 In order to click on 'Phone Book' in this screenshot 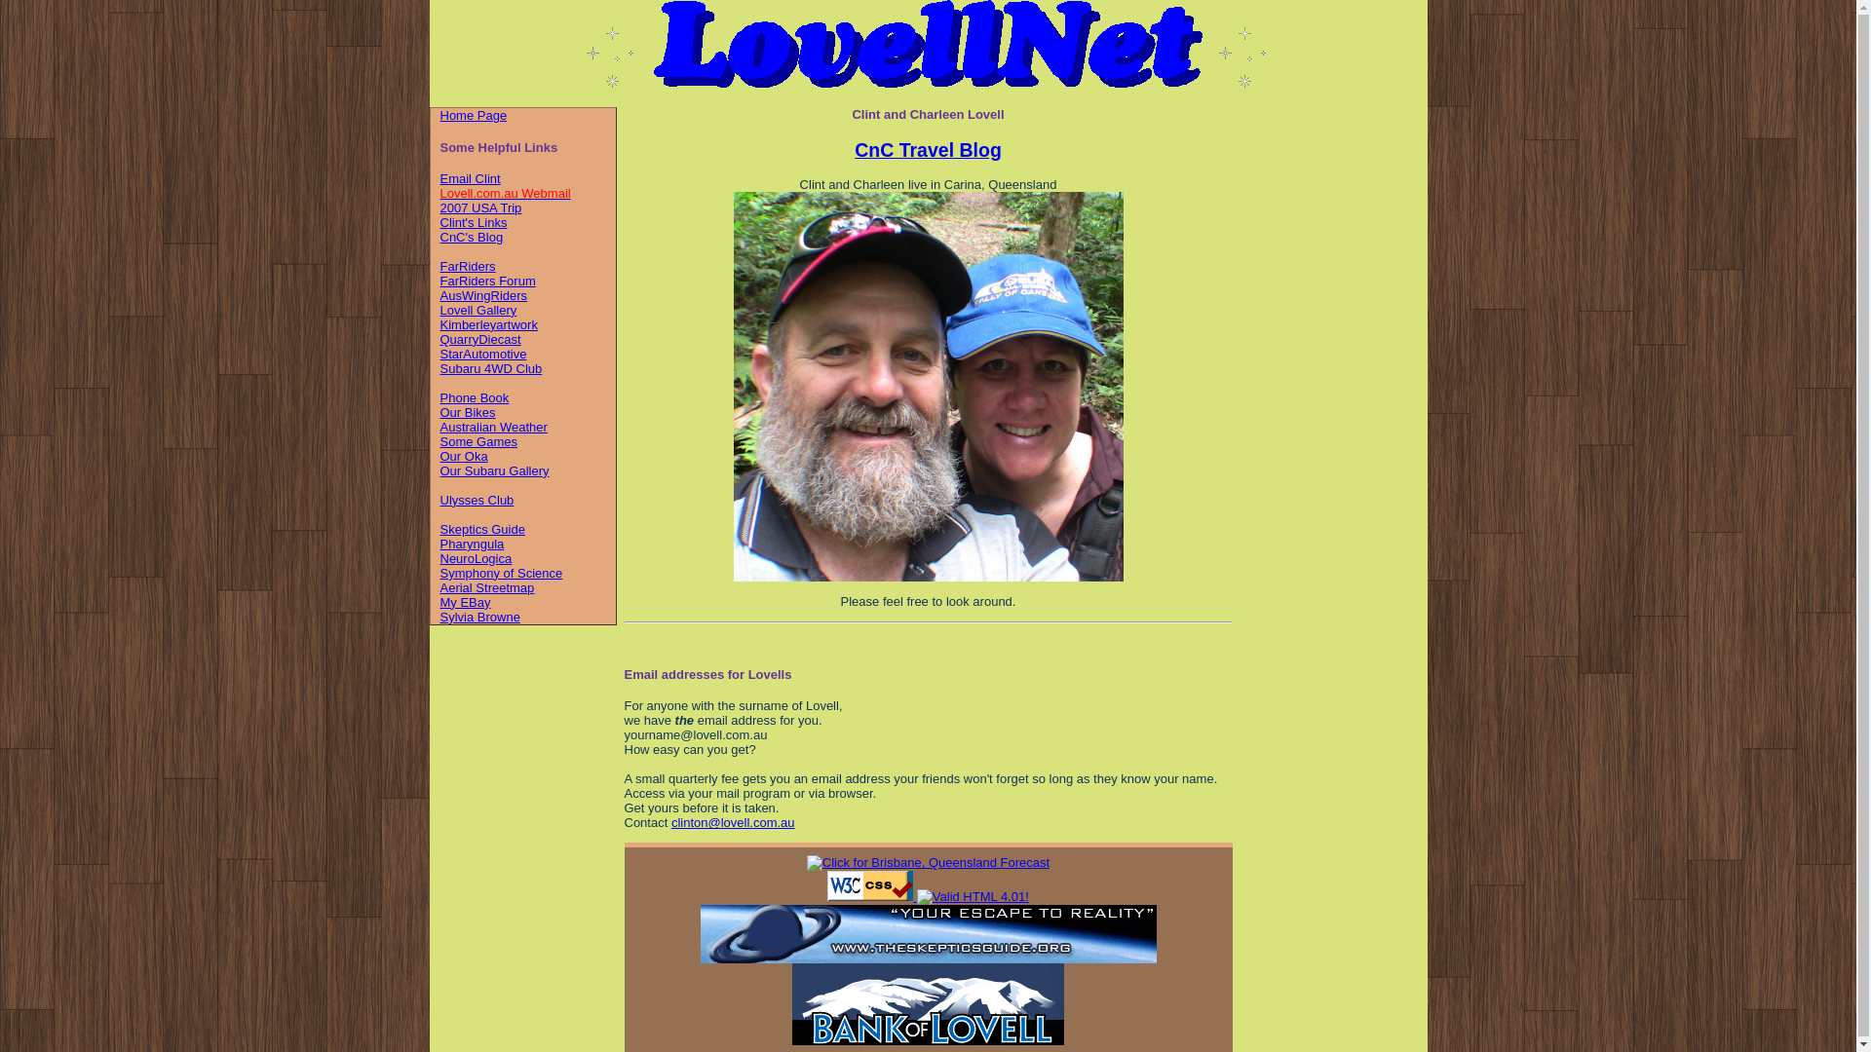, I will do `click(475, 396)`.